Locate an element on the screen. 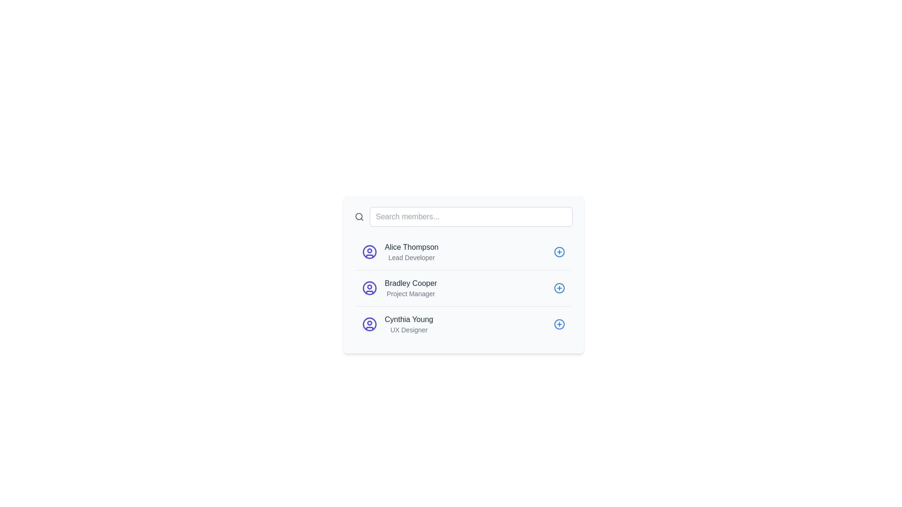 This screenshot has height=507, width=902. the circular plus icon associated with the contact information of 'Bradley Cooper - Project Manager' is located at coordinates (559, 287).